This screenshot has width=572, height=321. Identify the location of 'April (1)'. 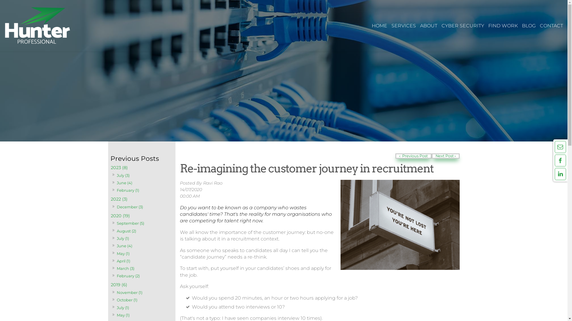
(116, 261).